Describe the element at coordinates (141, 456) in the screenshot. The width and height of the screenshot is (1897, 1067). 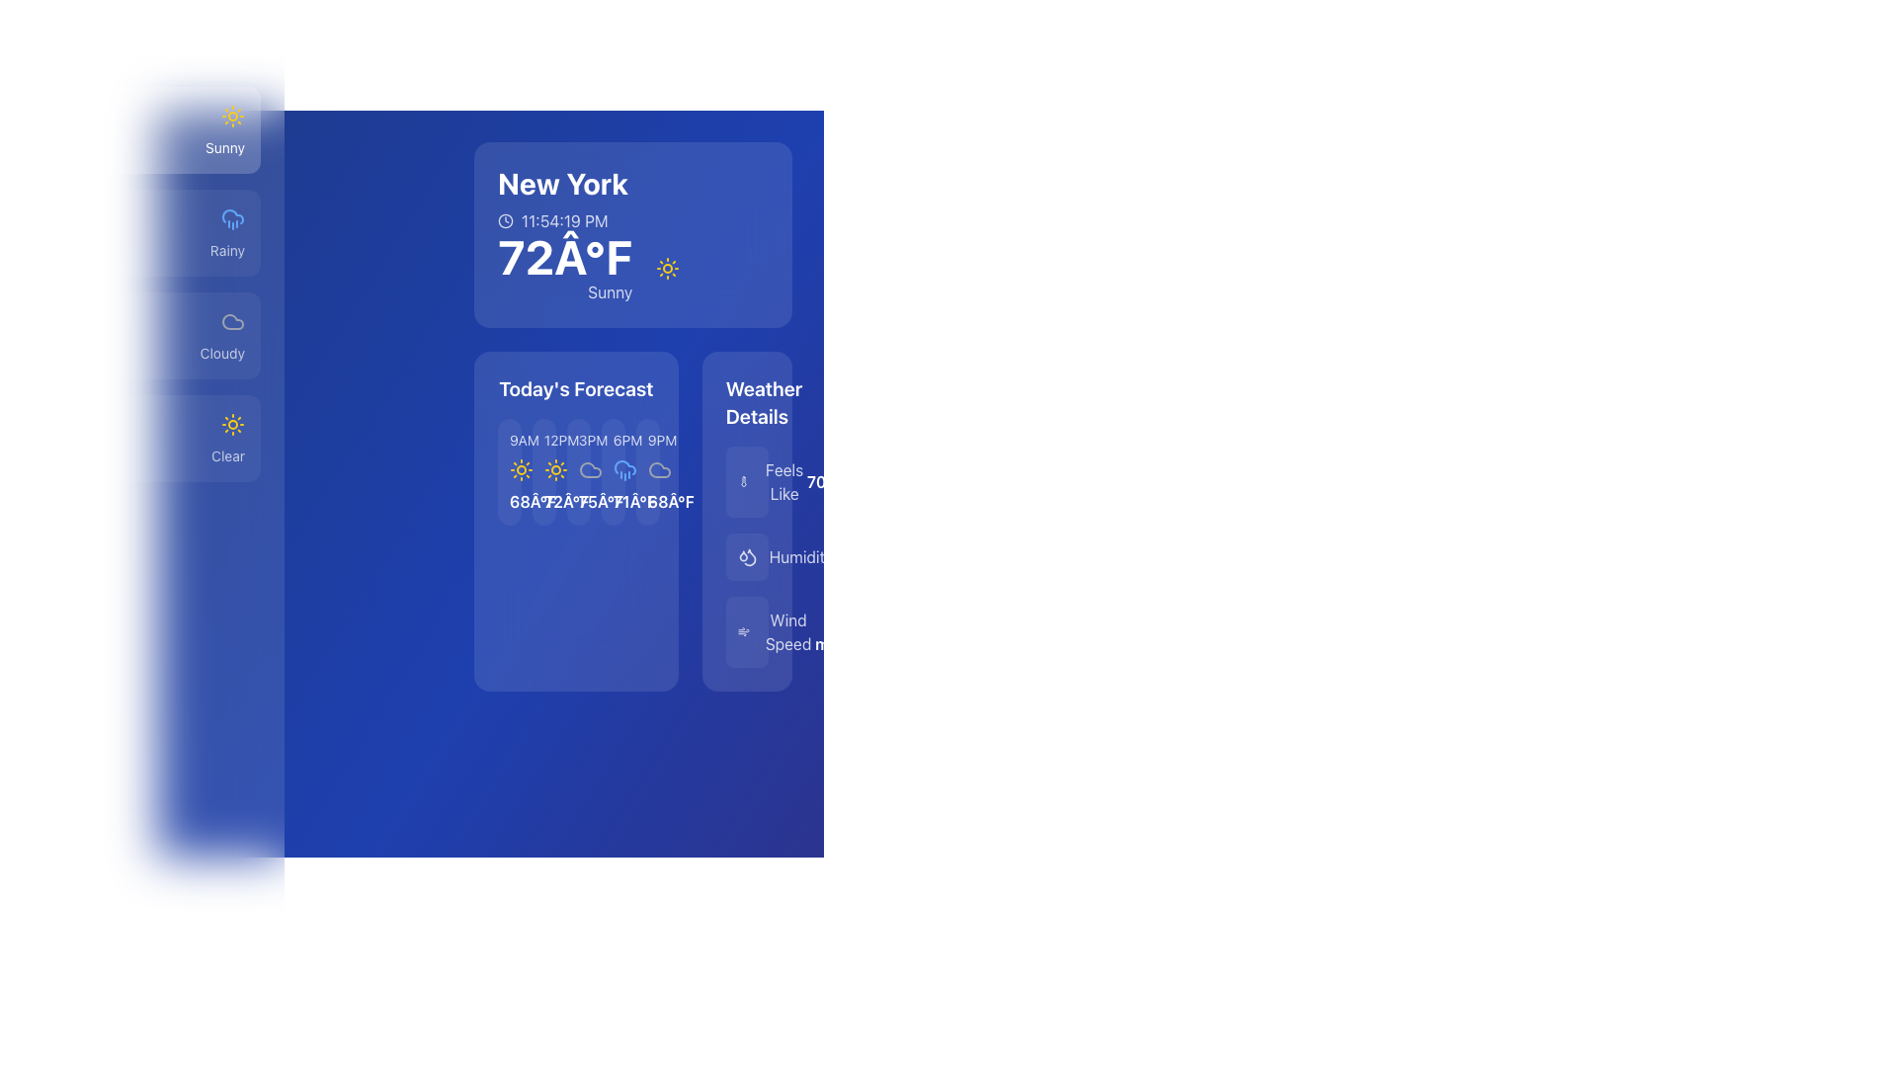
I see `text content of the temperature label located at the lower part of the vertically oriented list, which is the fourth entry after 'Sunny', 'Rainy', and 'Cloudy'` at that location.